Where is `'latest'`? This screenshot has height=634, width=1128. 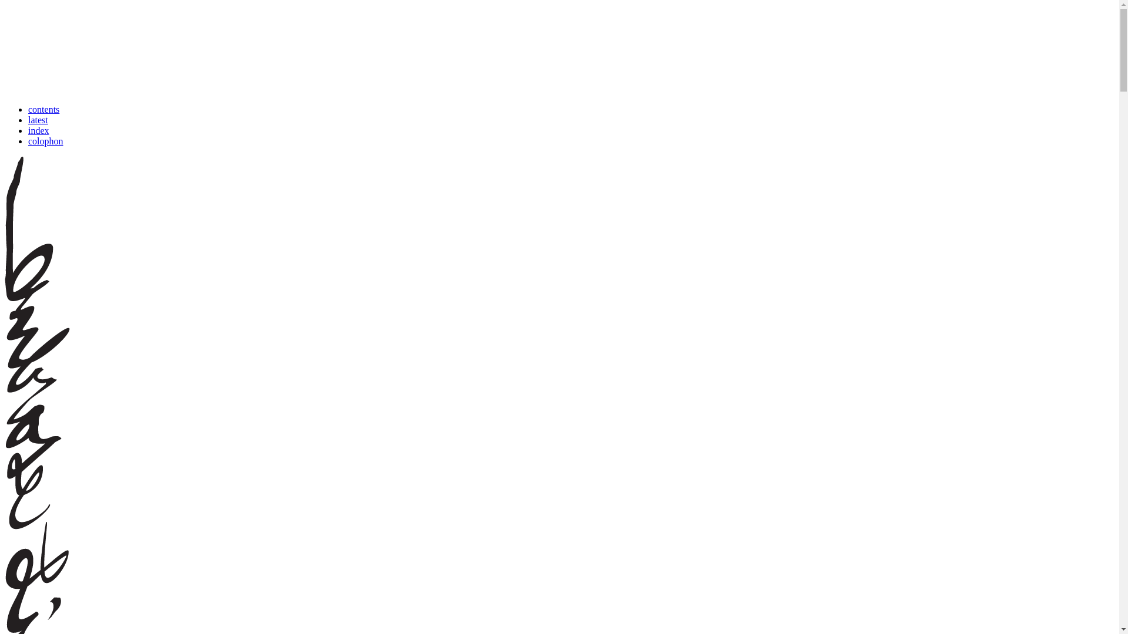
'latest' is located at coordinates (38, 120).